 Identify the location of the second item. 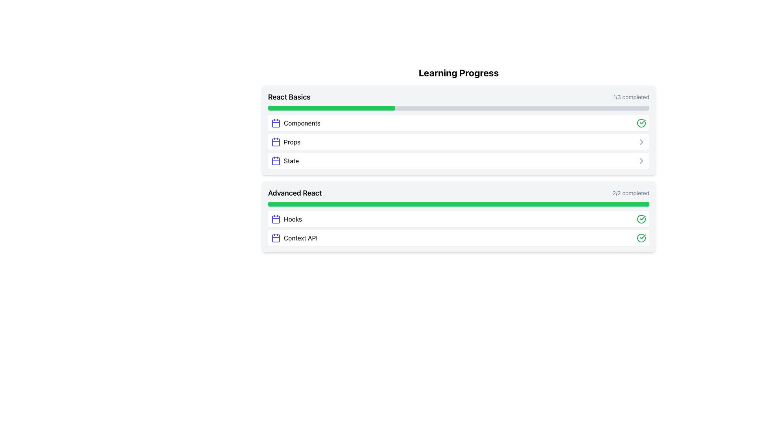
(459, 142).